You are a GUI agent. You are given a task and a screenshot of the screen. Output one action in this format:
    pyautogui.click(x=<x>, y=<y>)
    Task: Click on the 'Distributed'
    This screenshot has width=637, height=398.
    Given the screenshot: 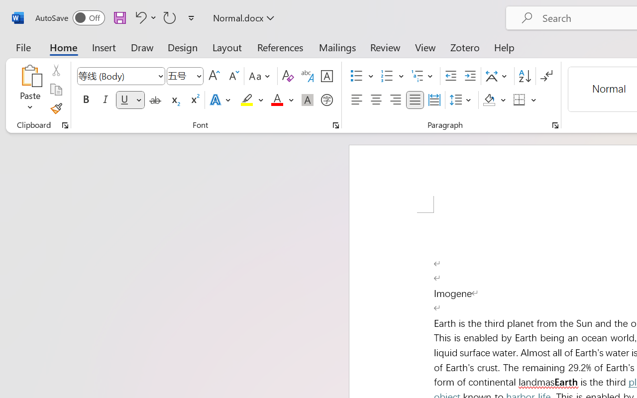 What is the action you would take?
    pyautogui.click(x=434, y=100)
    